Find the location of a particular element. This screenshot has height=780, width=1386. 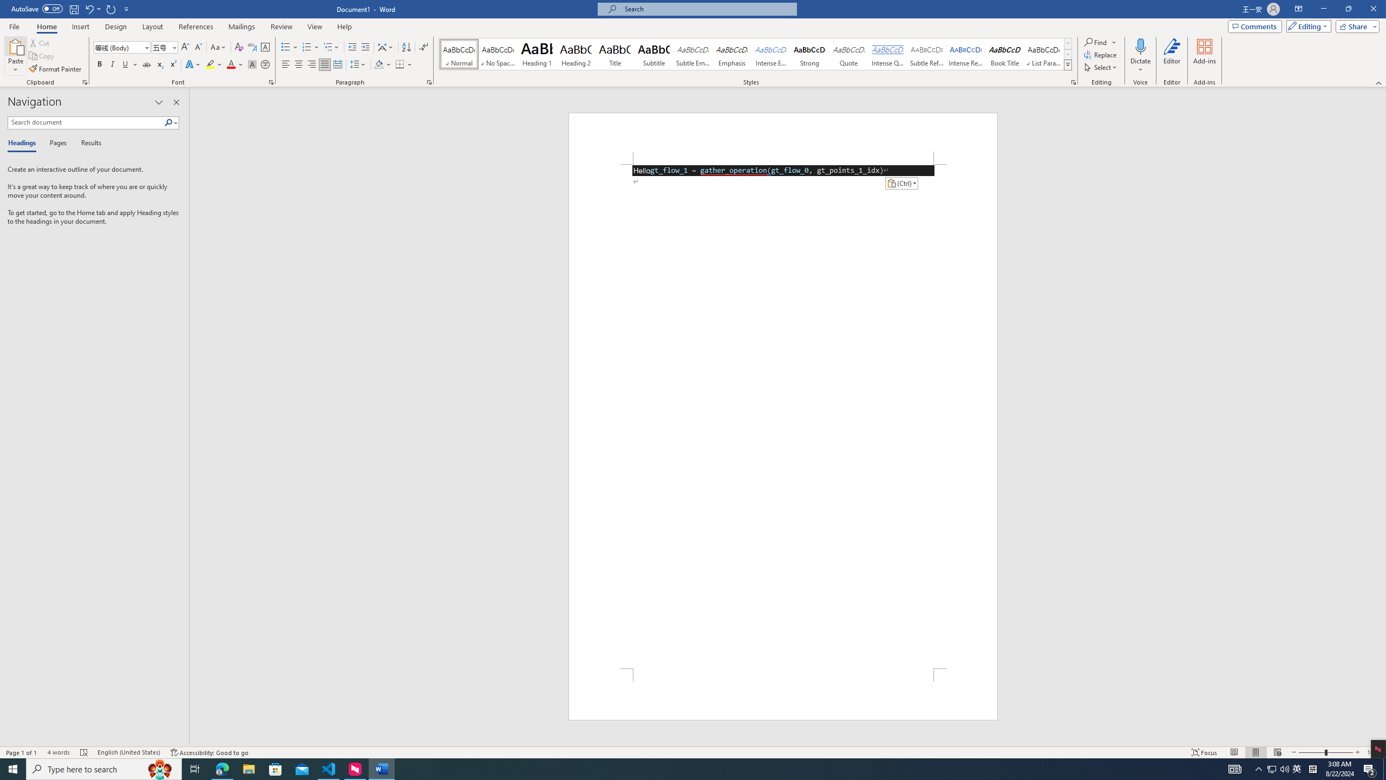

'Heading 2' is located at coordinates (576, 54).